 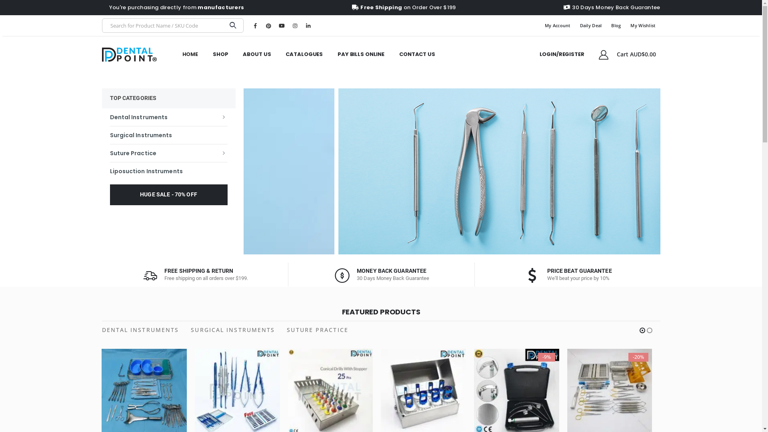 I want to click on 'Dental Instruments', so click(x=168, y=117).